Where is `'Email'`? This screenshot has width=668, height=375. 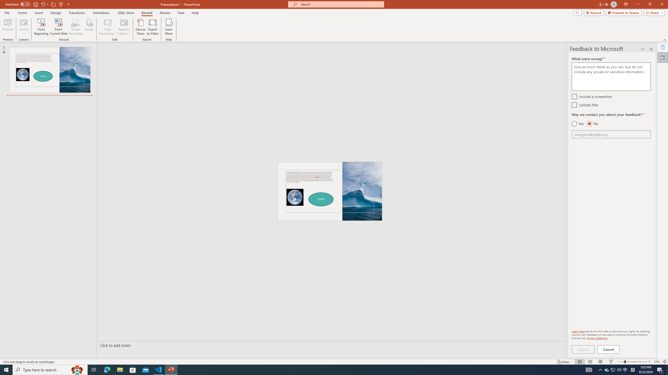
'Email' is located at coordinates (611, 134).